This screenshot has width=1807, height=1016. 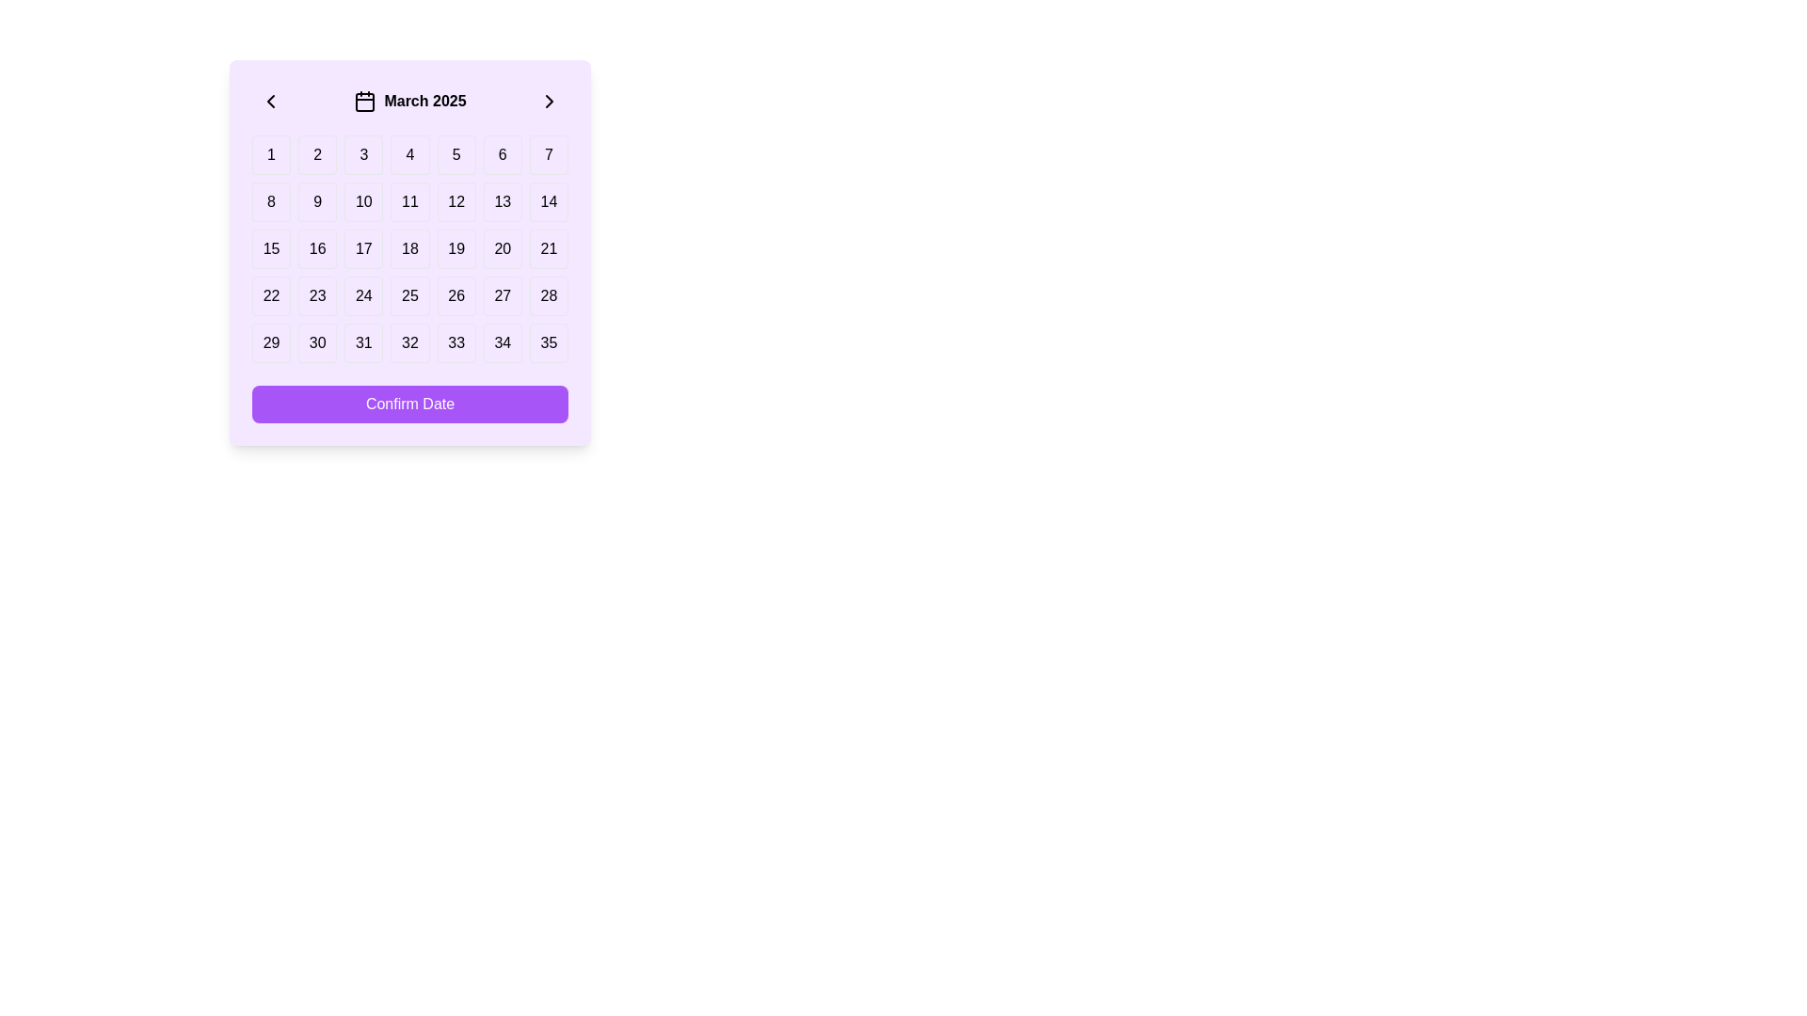 I want to click on the right arrow icon located at the top-right corner of the calendar interface, adjacent to the 'March 2025' label, so click(x=549, y=102).